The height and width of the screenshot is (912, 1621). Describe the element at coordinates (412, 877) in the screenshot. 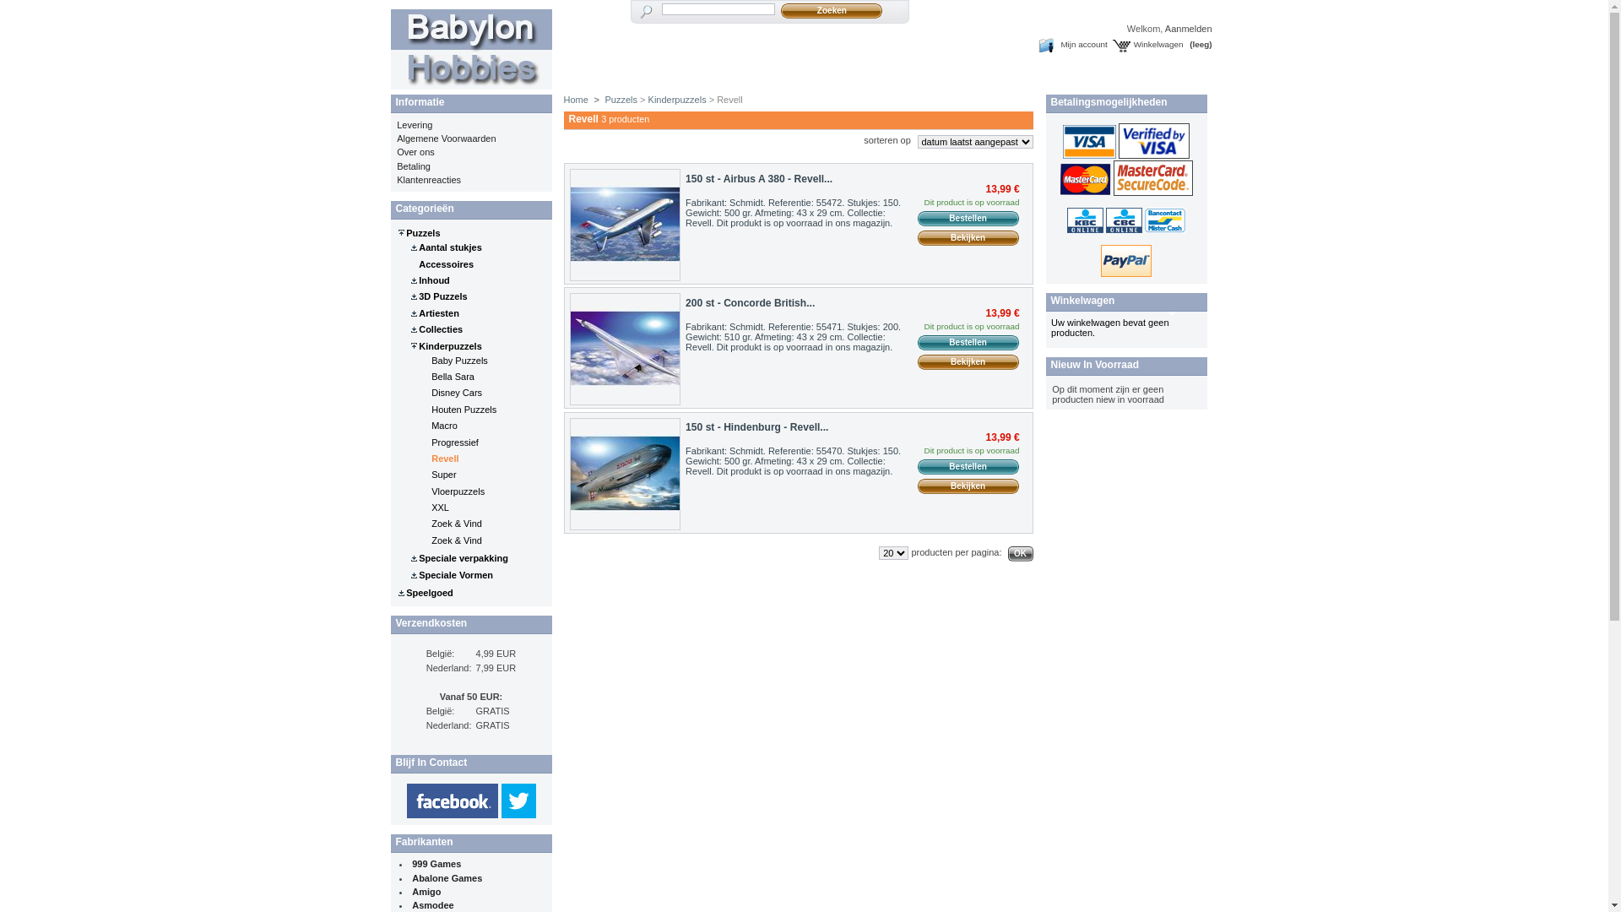

I see `'Abalone Games'` at that location.